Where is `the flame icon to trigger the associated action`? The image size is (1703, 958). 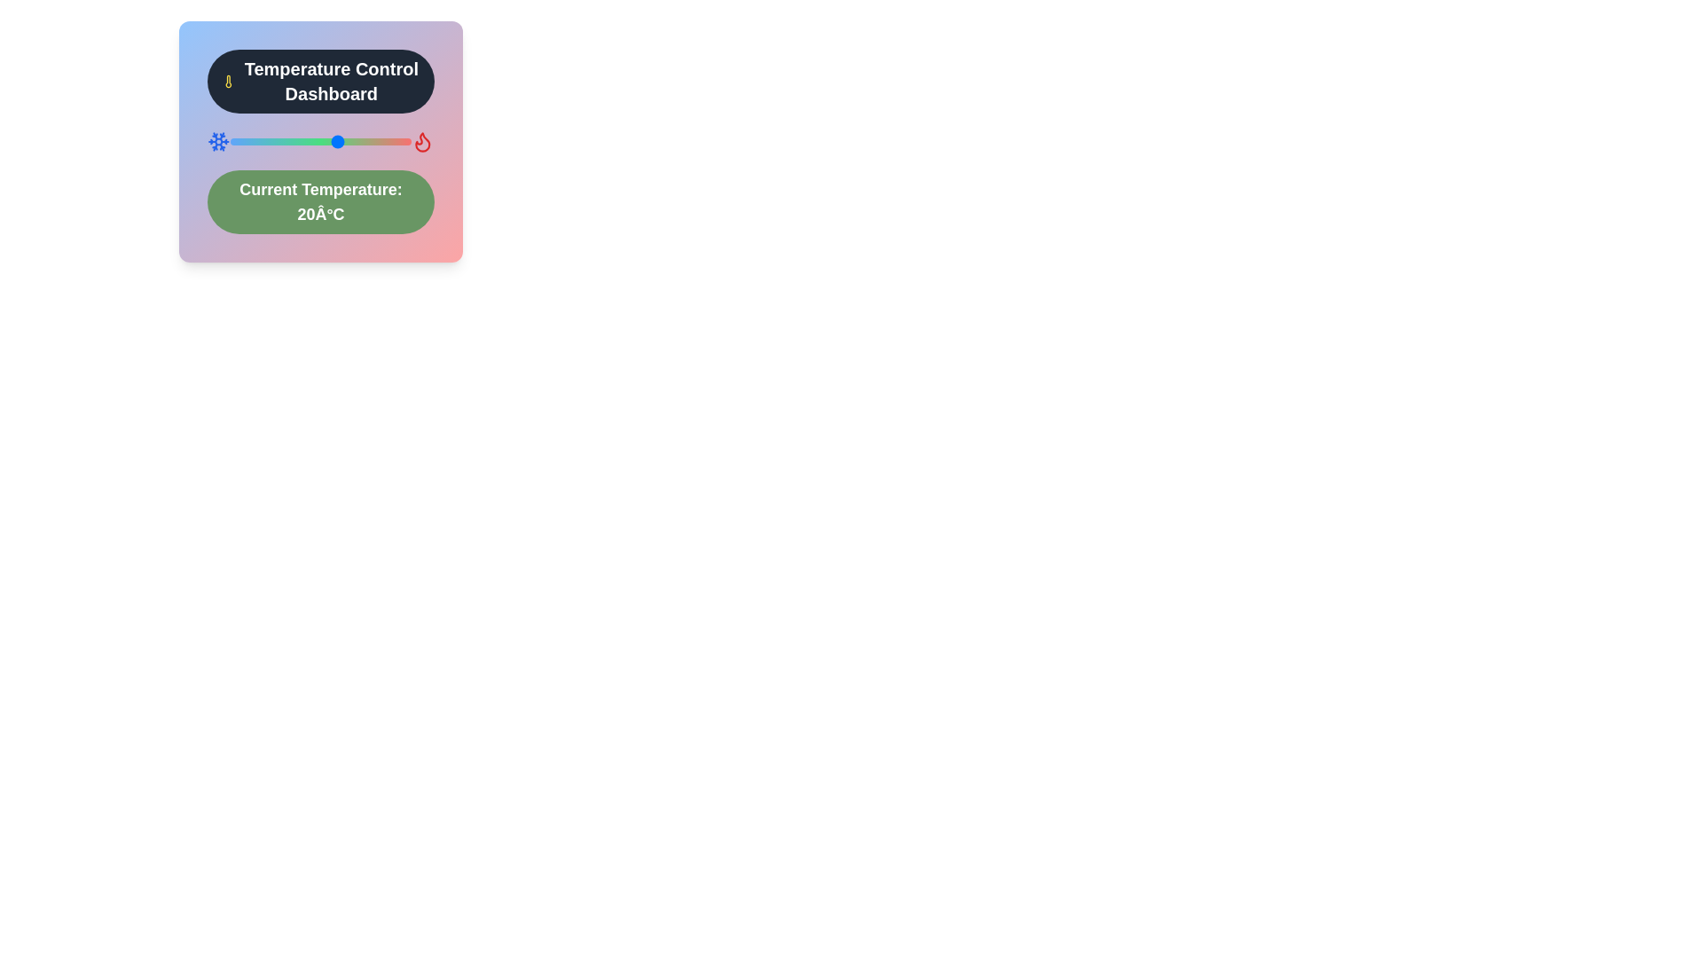
the flame icon to trigger the associated action is located at coordinates (421, 140).